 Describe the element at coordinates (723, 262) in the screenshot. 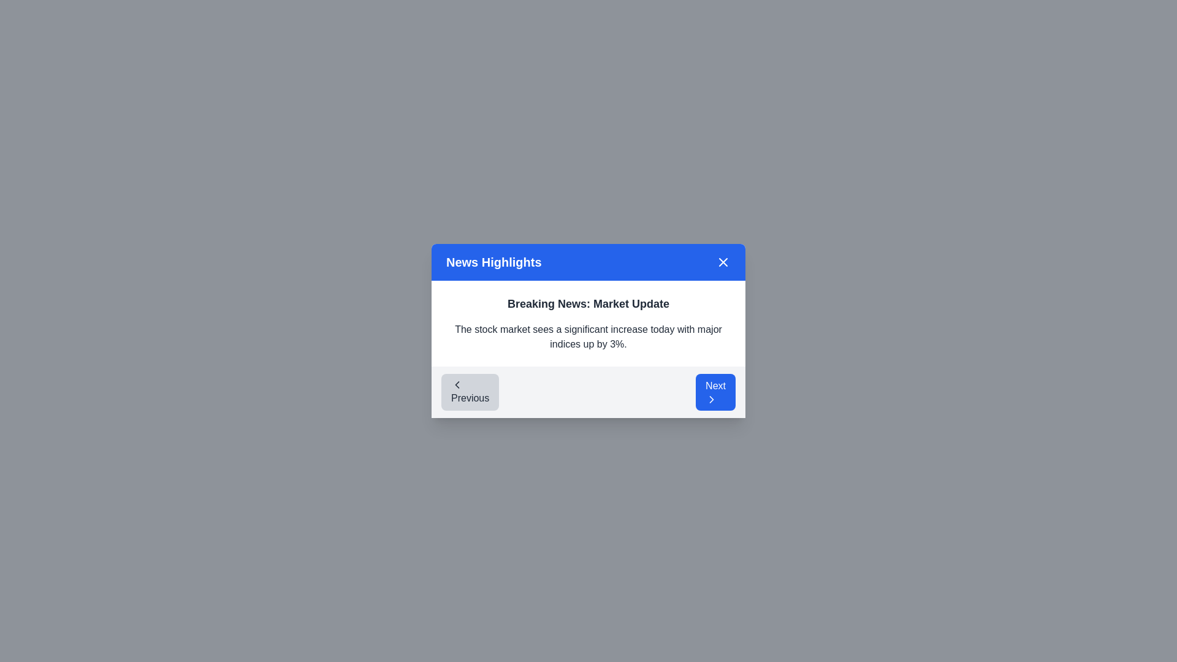

I see `the close button represented by a white 'X' symbol within a blue circular background located at the top-right corner of the 'News Highlights' header` at that location.